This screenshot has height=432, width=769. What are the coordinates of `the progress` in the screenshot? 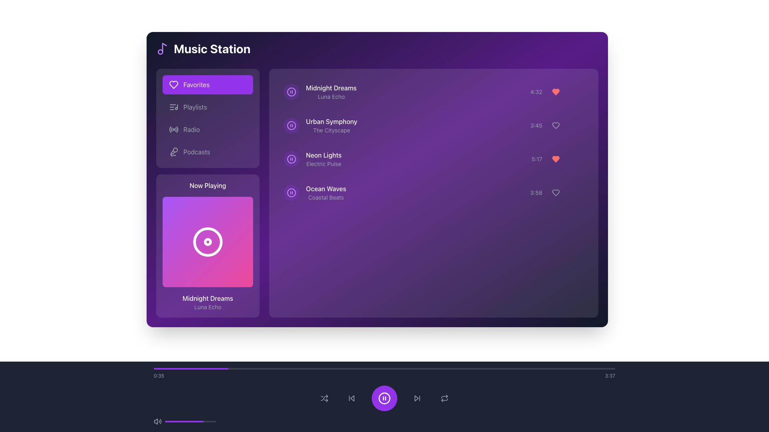 It's located at (178, 421).